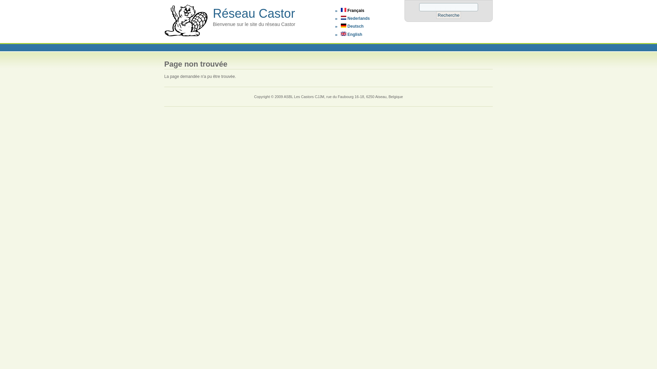  Describe the element at coordinates (343, 25) in the screenshot. I see `'Deutsch'` at that location.